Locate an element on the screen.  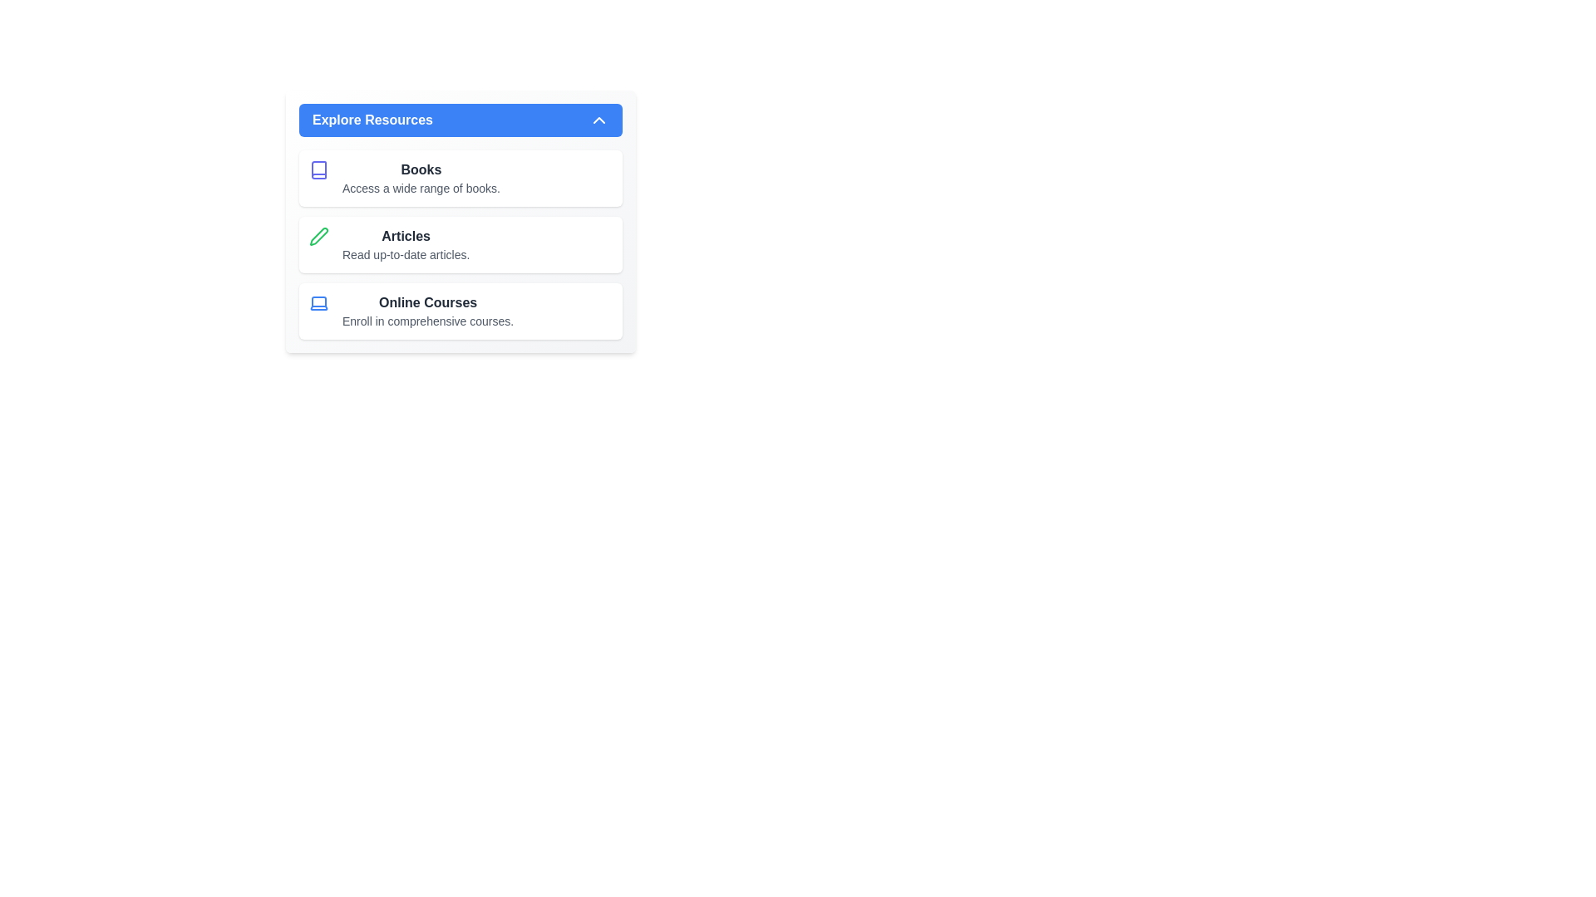
the 'Books' text block which contains the bold dark gray text 'Books' and smaller descriptive text 'Access a wide range of books.' is located at coordinates (421, 179).